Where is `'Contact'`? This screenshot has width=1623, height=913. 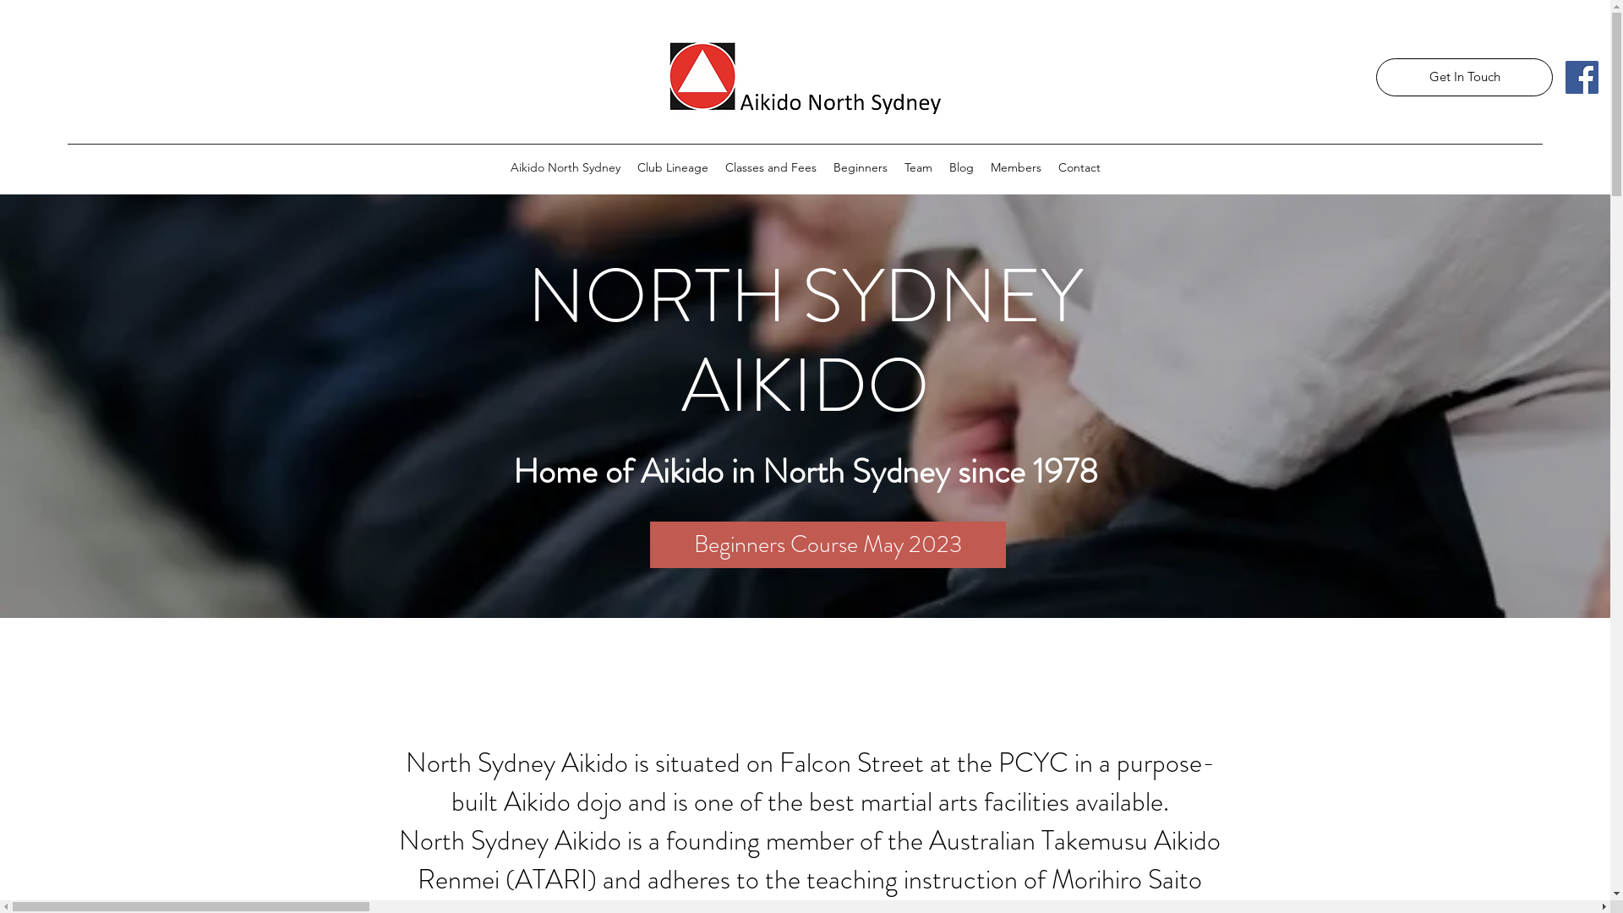
'Contact' is located at coordinates (1078, 167).